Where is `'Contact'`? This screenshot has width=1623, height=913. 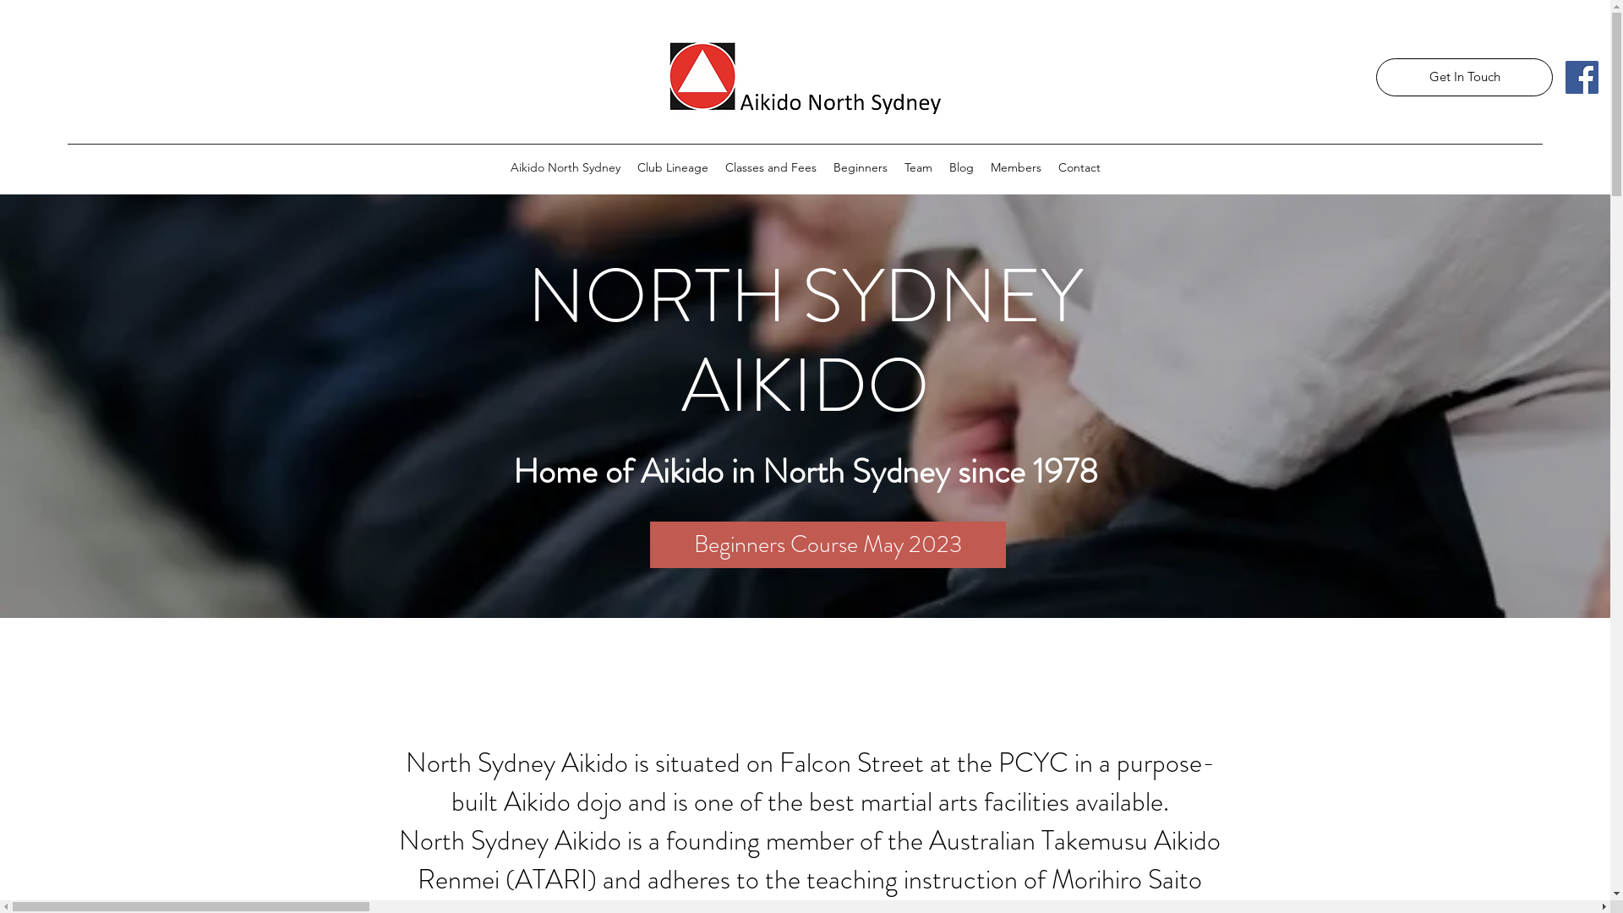
'Contact' is located at coordinates (1078, 167).